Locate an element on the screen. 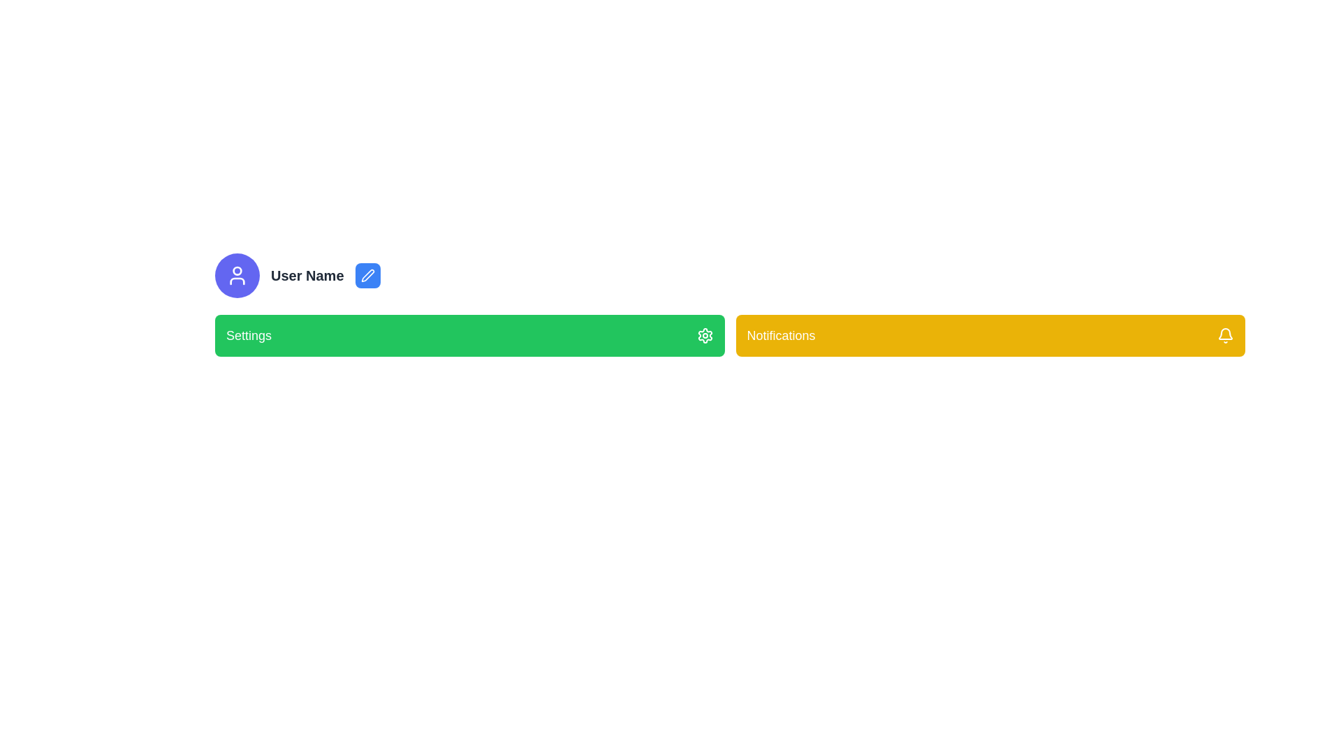  the small rounded rectangular button with a blue background and a white pen icon, located to the immediate right of the text 'User Name' is located at coordinates (367, 275).